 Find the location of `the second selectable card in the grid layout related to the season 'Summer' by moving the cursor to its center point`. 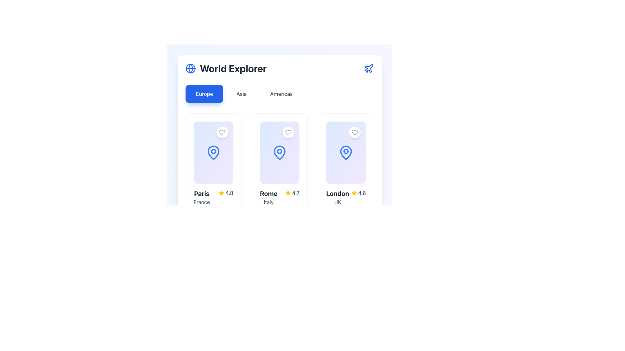

the second selectable card in the grid layout related to the season 'Summer' by moving the cursor to its center point is located at coordinates (290, 219).